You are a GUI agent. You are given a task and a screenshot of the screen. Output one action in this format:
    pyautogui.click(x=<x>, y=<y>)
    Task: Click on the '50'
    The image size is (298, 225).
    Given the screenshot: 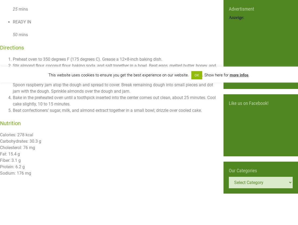 What is the action you would take?
    pyautogui.click(x=13, y=35)
    